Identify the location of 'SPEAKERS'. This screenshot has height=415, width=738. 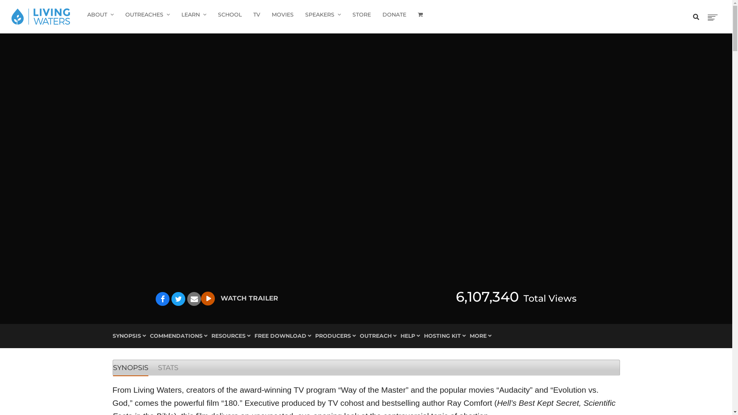
(323, 15).